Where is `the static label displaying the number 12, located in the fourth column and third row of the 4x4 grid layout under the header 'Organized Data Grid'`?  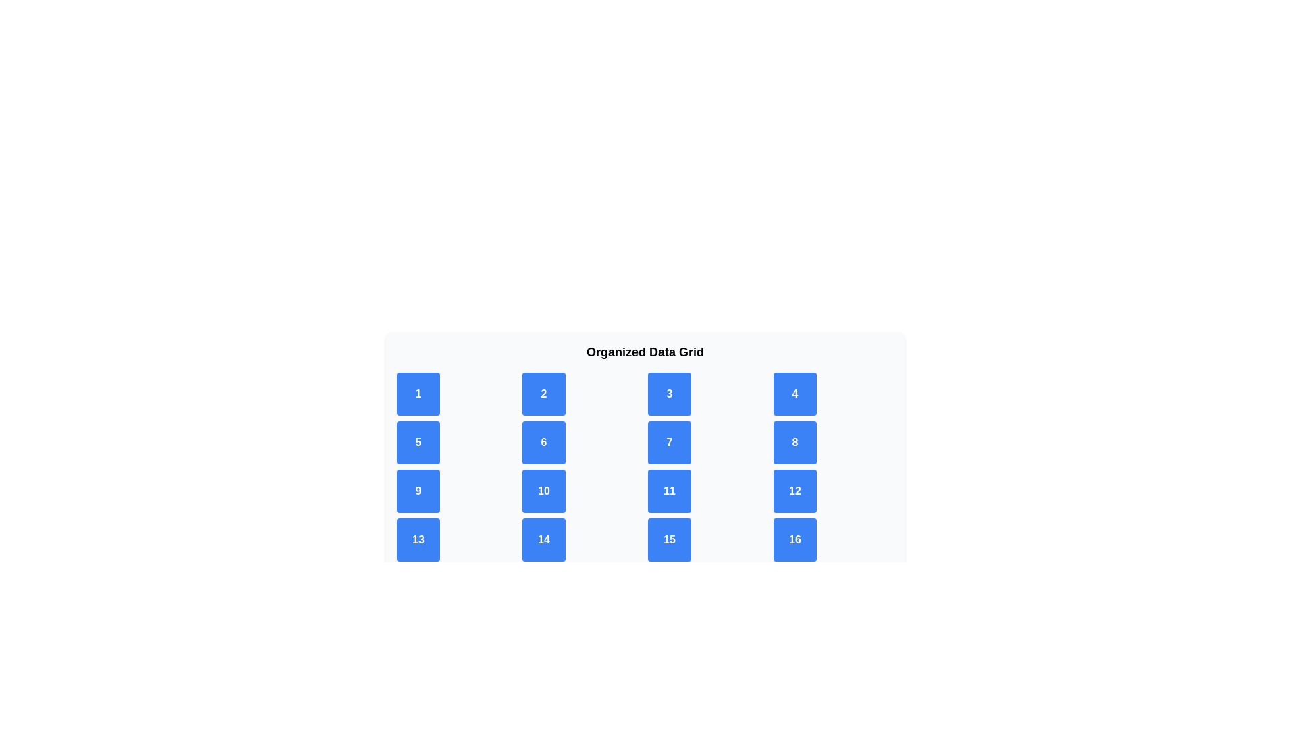 the static label displaying the number 12, located in the fourth column and third row of the 4x4 grid layout under the header 'Organized Data Grid' is located at coordinates (794, 491).